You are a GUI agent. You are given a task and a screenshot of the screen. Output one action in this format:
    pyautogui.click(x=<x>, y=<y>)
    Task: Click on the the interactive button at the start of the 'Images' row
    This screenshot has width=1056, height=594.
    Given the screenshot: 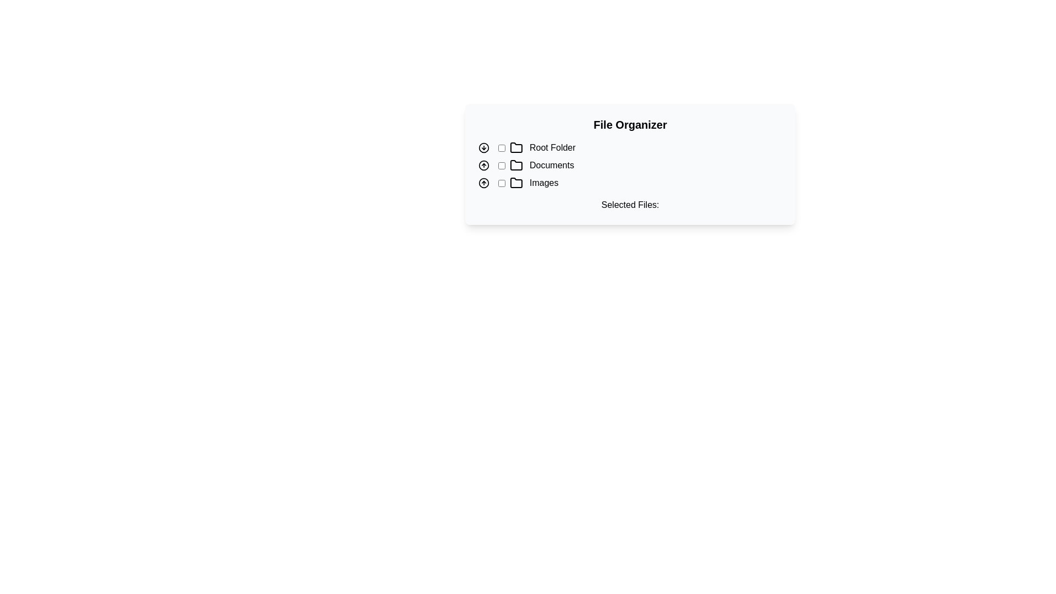 What is the action you would take?
    pyautogui.click(x=483, y=182)
    